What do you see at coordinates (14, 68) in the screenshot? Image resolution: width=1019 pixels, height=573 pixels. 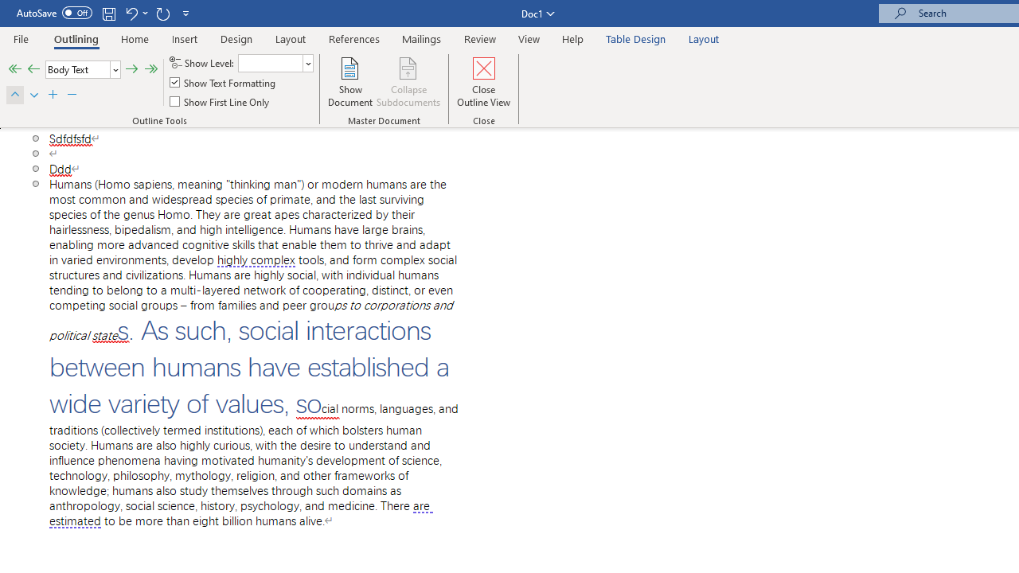 I see `'Promote to Heading 1'` at bounding box center [14, 68].